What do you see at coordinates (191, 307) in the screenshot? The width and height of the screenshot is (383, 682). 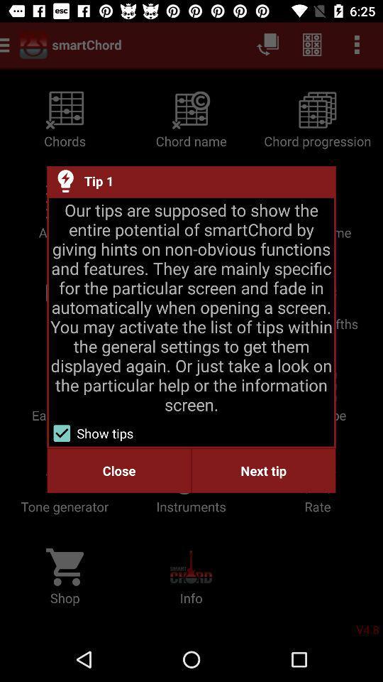 I see `the item above show tips` at bounding box center [191, 307].